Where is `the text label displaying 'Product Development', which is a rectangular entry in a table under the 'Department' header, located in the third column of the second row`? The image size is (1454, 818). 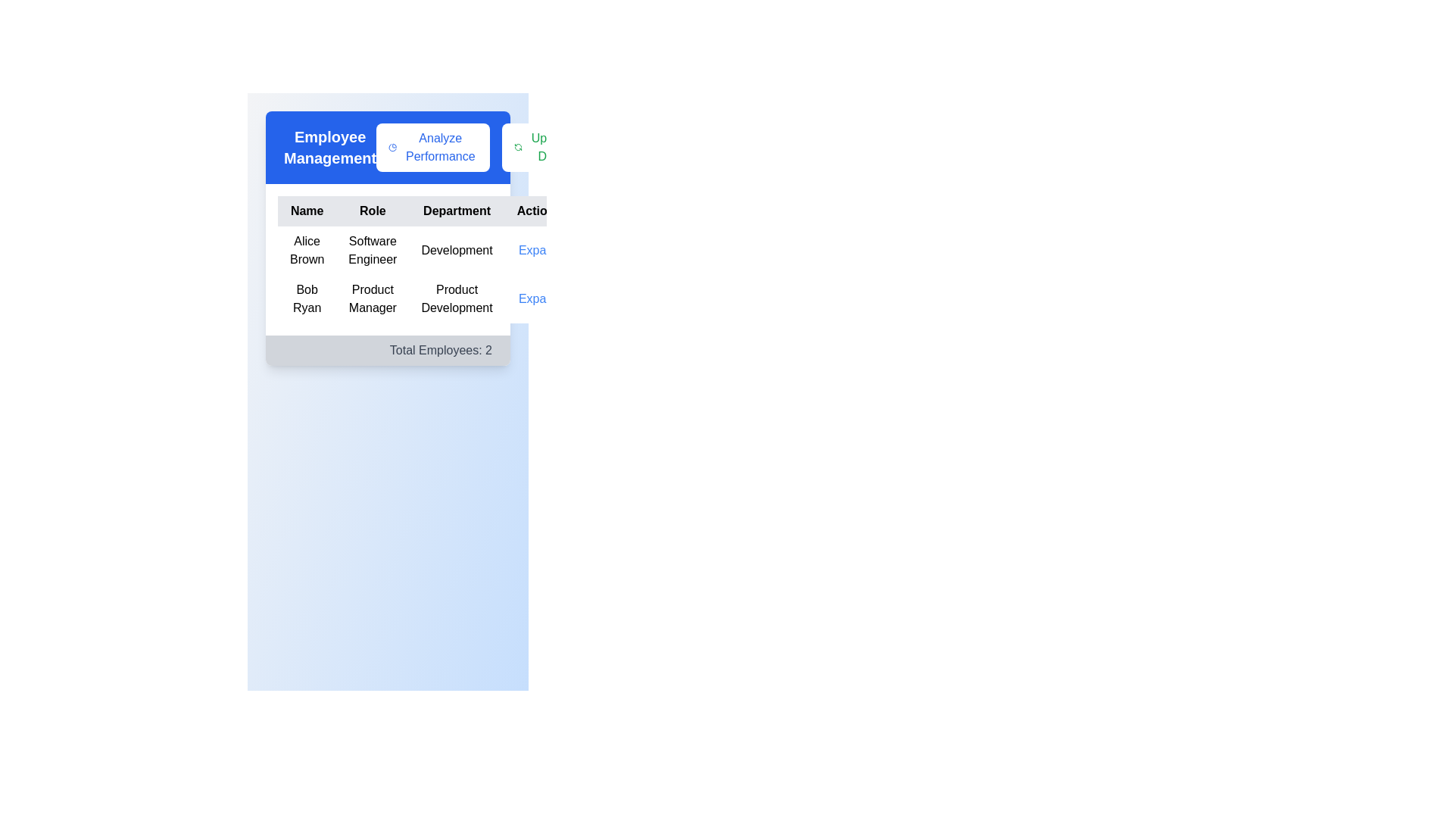 the text label displaying 'Product Development', which is a rectangular entry in a table under the 'Department' header, located in the third column of the second row is located at coordinates (456, 298).